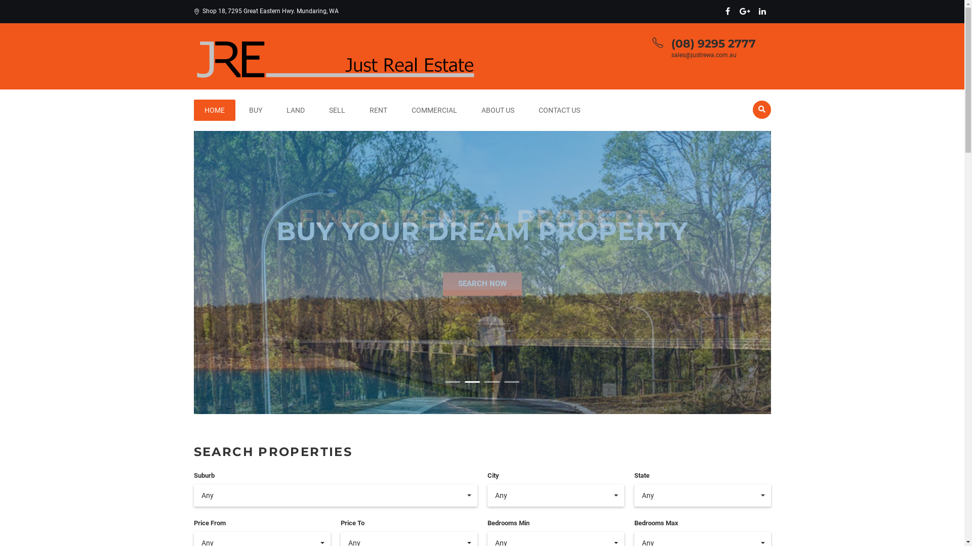 This screenshot has width=972, height=546. I want to click on 'SEARCH NOW', so click(481, 284).